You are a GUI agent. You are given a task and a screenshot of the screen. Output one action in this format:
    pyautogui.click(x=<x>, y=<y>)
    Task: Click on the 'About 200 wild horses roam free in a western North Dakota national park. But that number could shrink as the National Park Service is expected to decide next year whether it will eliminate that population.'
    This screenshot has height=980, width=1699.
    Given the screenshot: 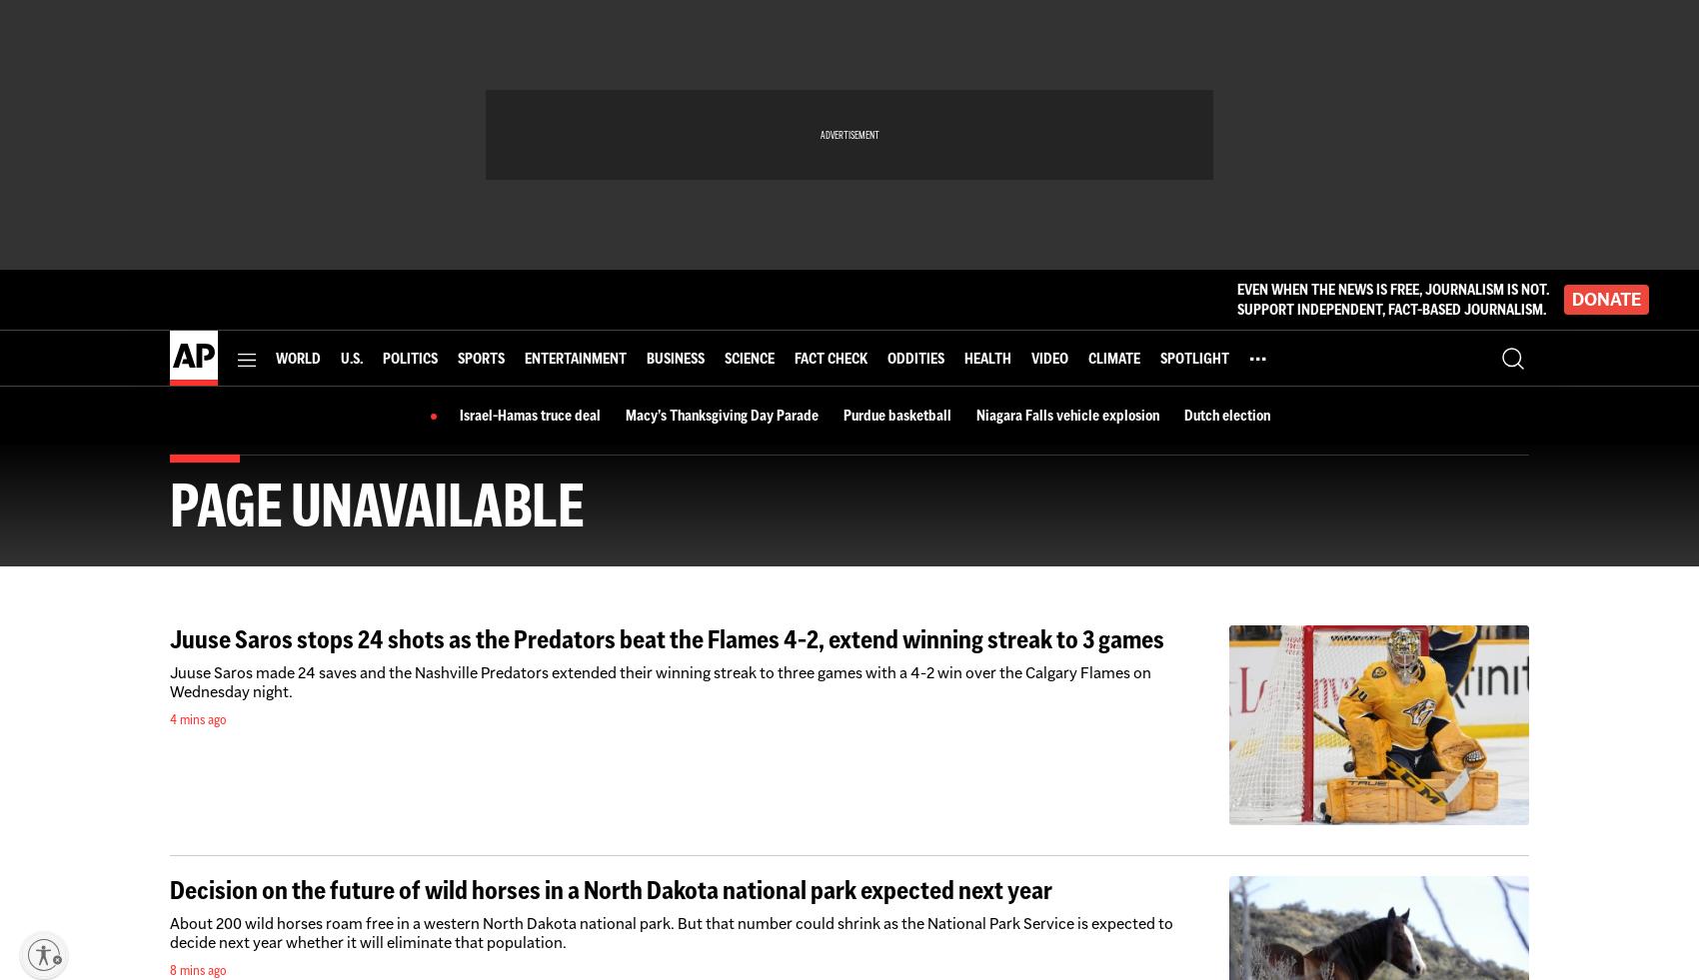 What is the action you would take?
    pyautogui.click(x=169, y=932)
    